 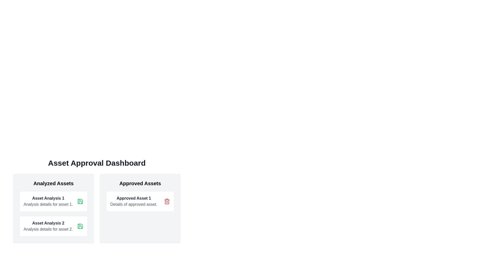 I want to click on text content of the Text Label that displays 'Analysis details for asset 2.', which is styled in gray and positioned below the 'Asset Analysis 2' header in the card, so click(x=48, y=229).